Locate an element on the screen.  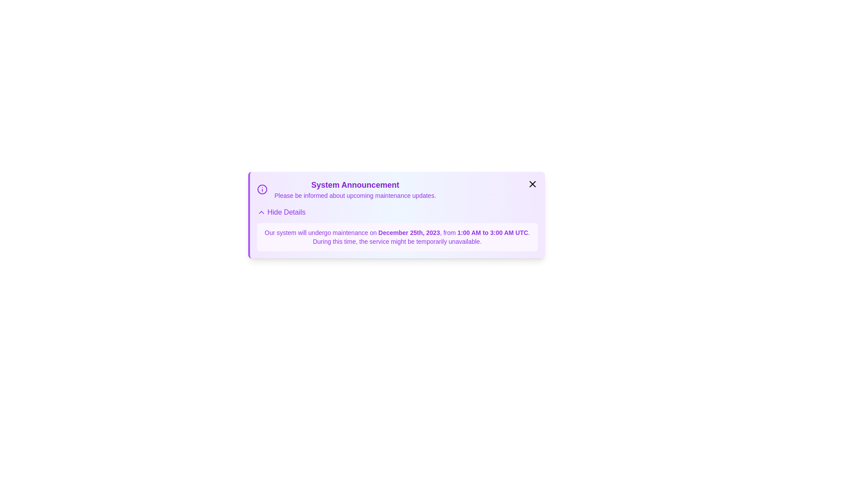
the informational icon located in the upper-left region of the notification box, adjacent to the text titled 'System Announcement' is located at coordinates (261, 189).